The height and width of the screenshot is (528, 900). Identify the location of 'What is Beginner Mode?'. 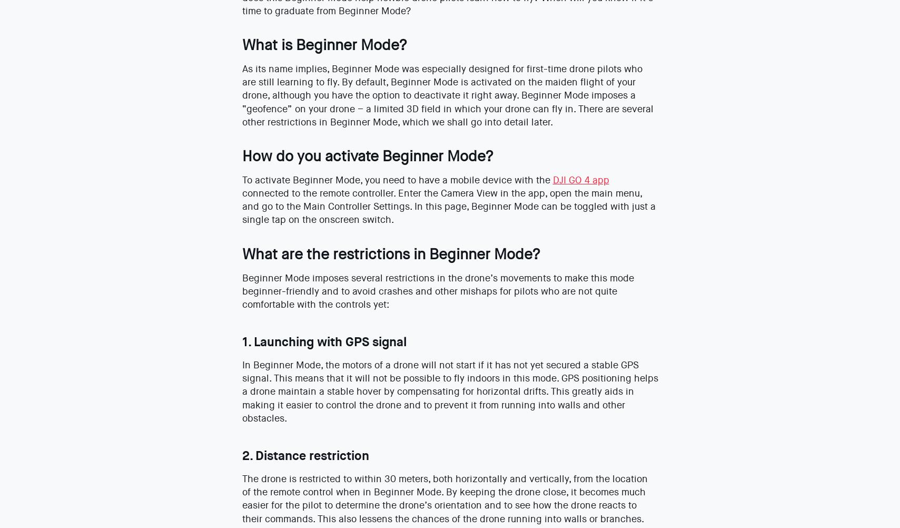
(323, 44).